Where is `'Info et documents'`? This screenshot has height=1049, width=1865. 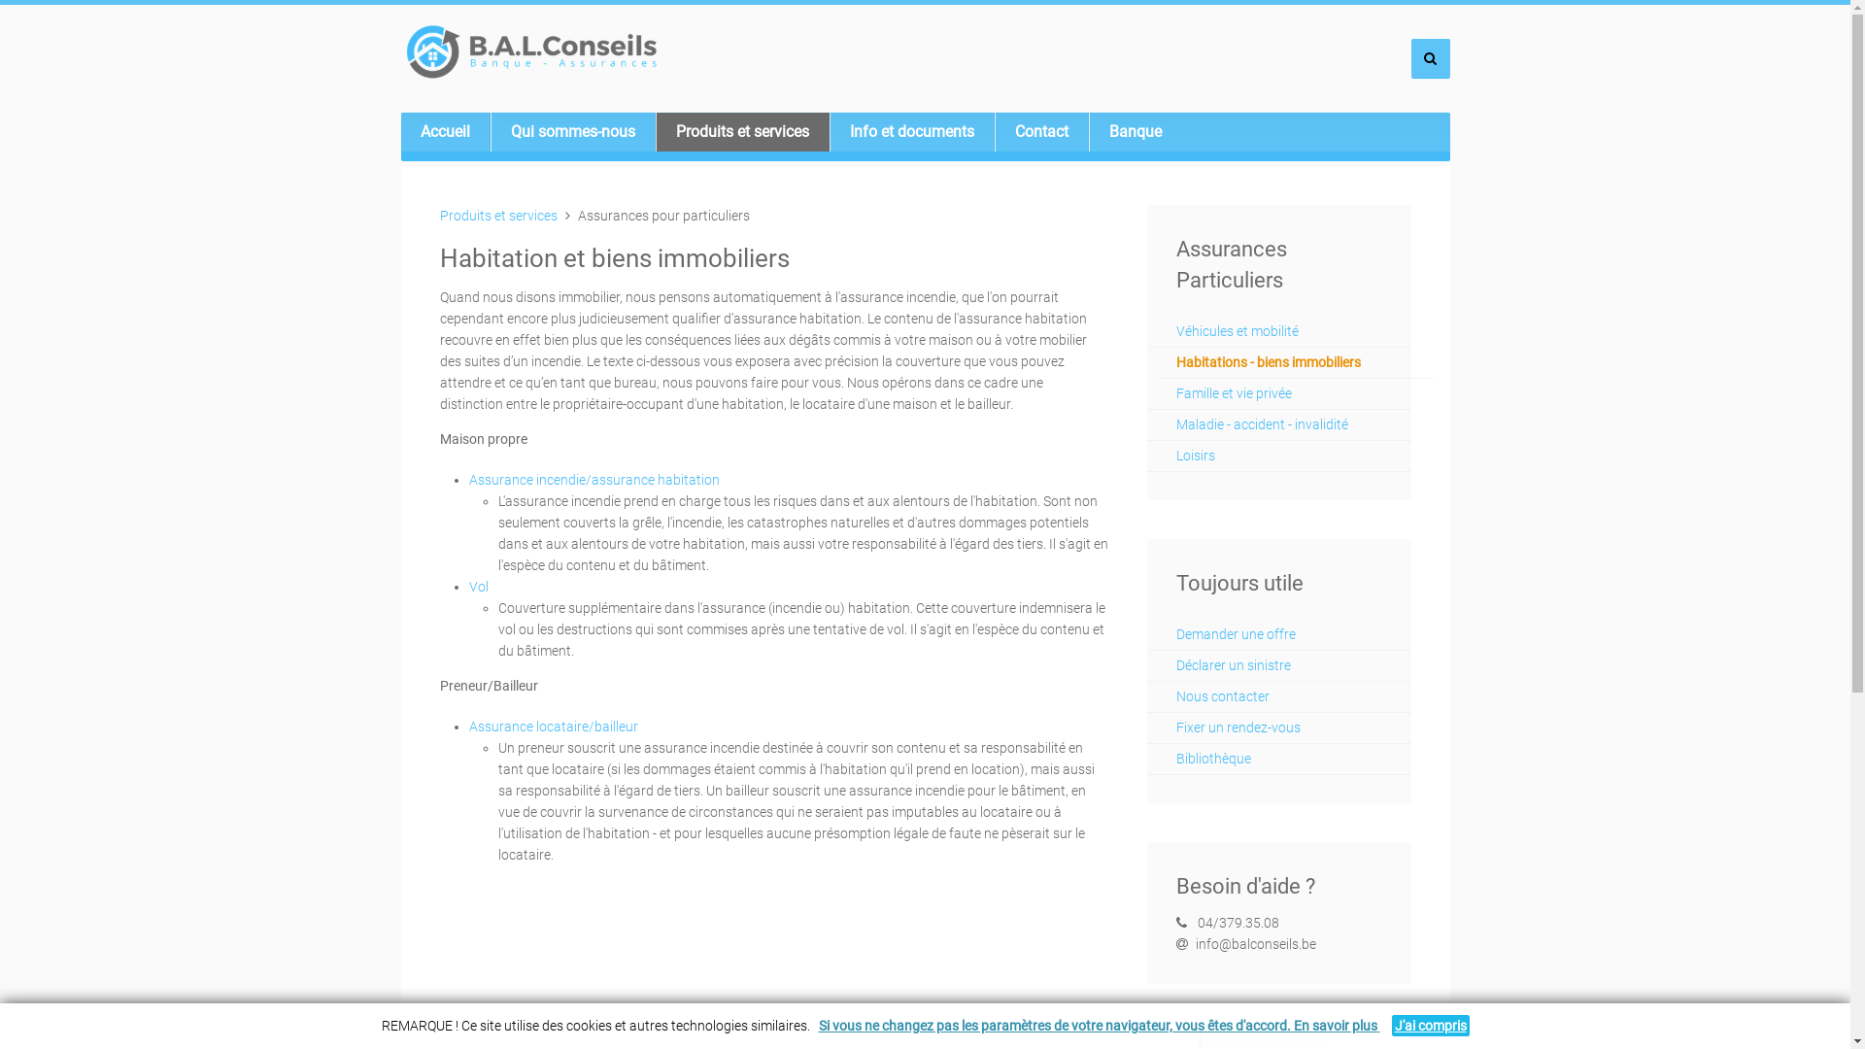 'Info et documents' is located at coordinates (830, 131).